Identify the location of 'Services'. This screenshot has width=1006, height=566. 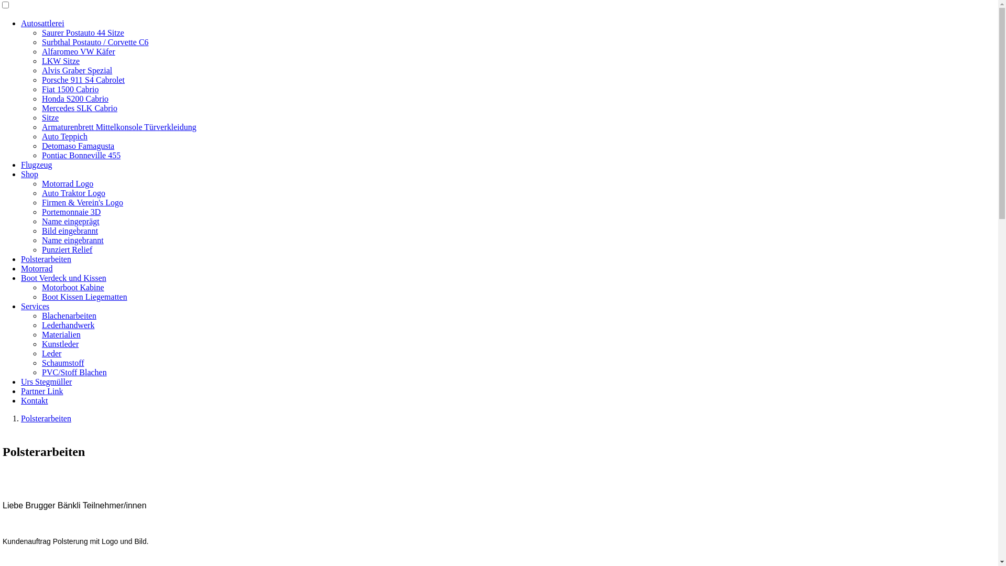
(35, 306).